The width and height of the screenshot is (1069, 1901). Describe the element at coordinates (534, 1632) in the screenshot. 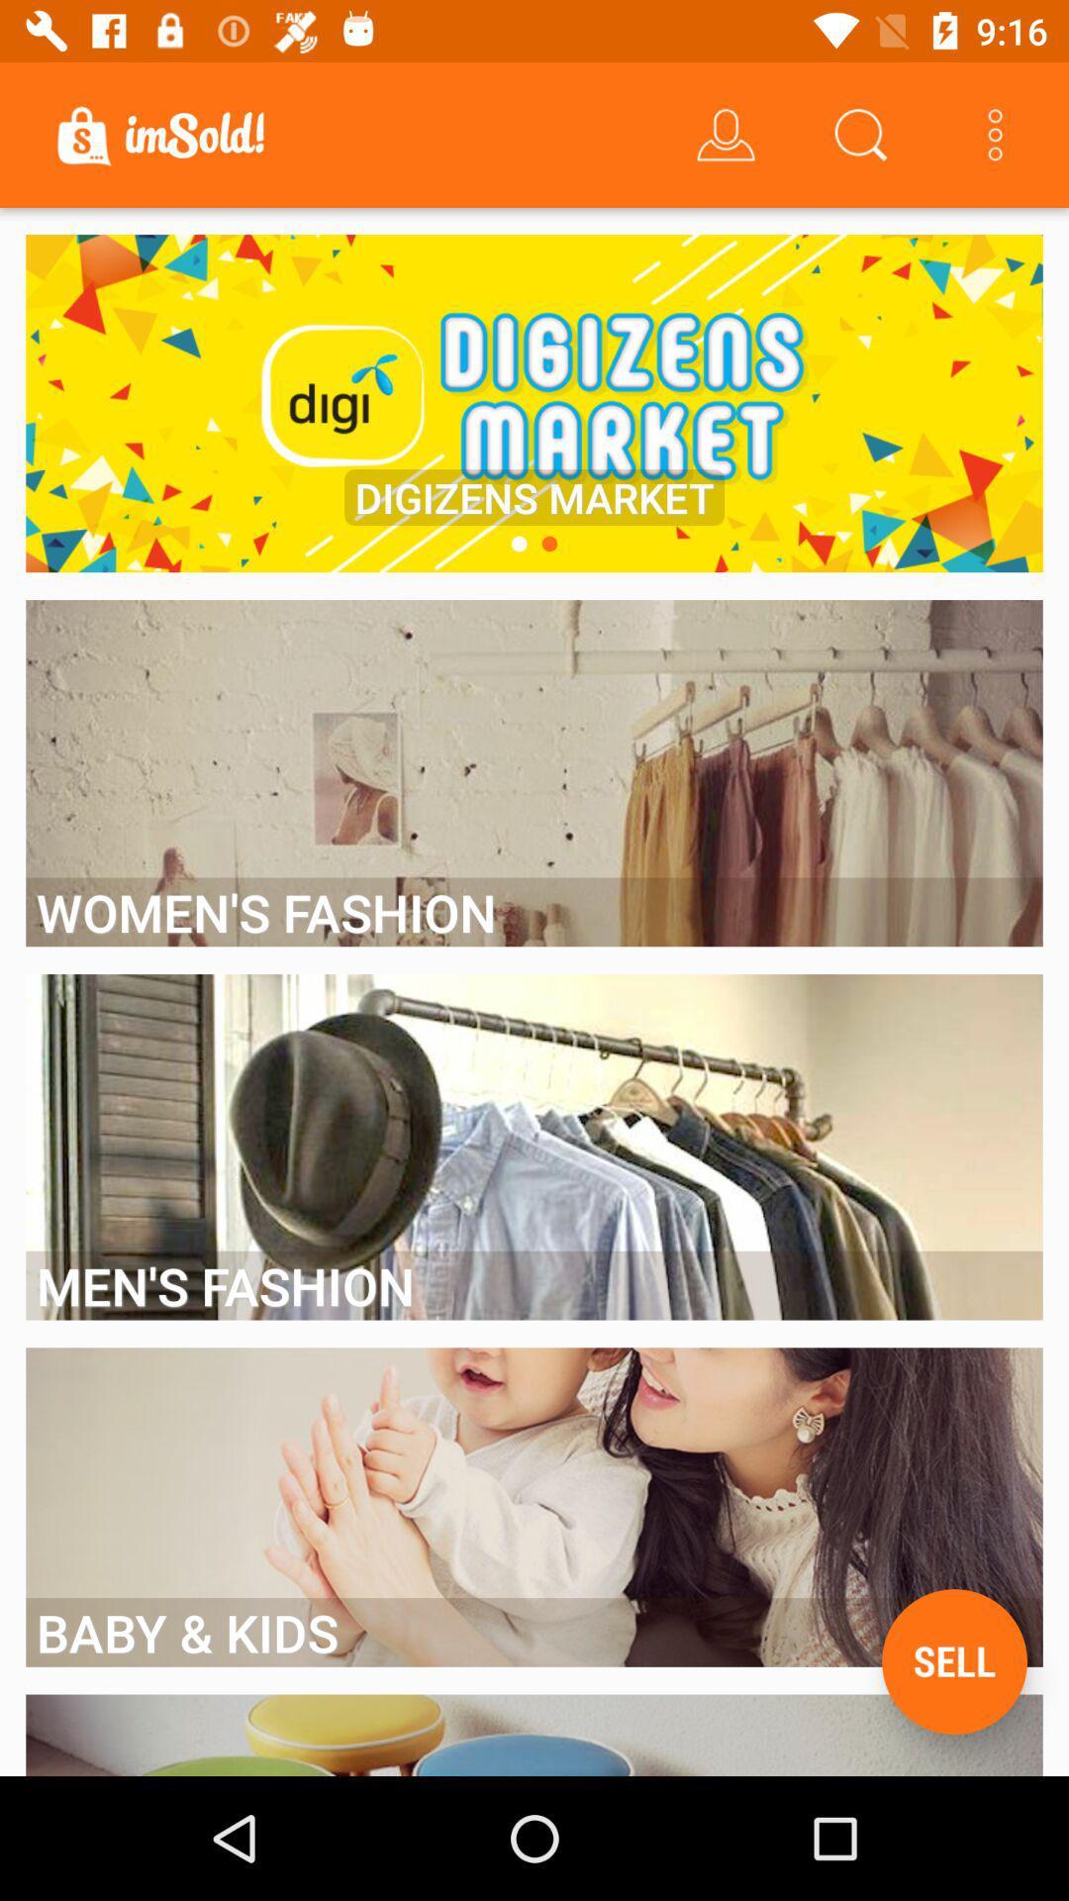

I see `baby & kids` at that location.